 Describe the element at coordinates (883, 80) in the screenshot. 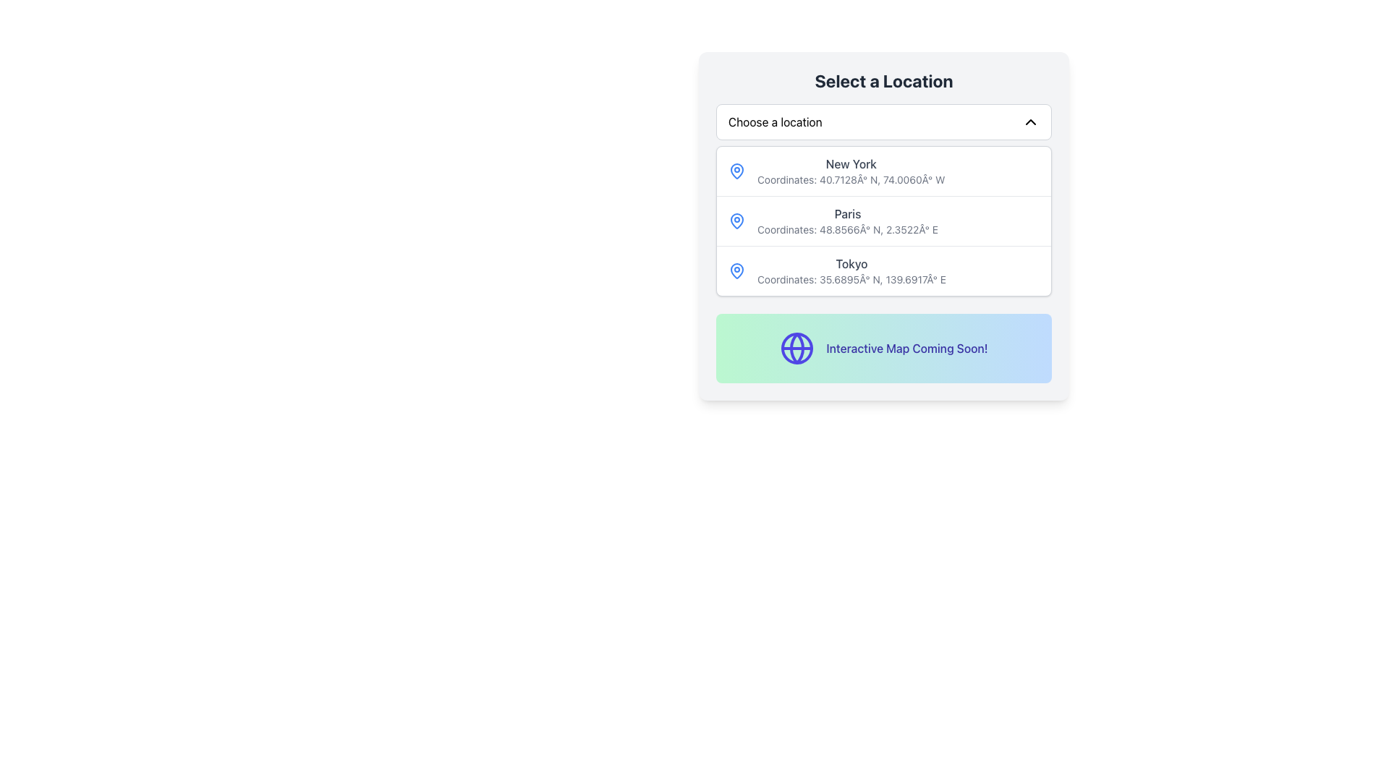

I see `the Text Label that serves as the title for the location selection section, positioned at the top of the interface` at that location.